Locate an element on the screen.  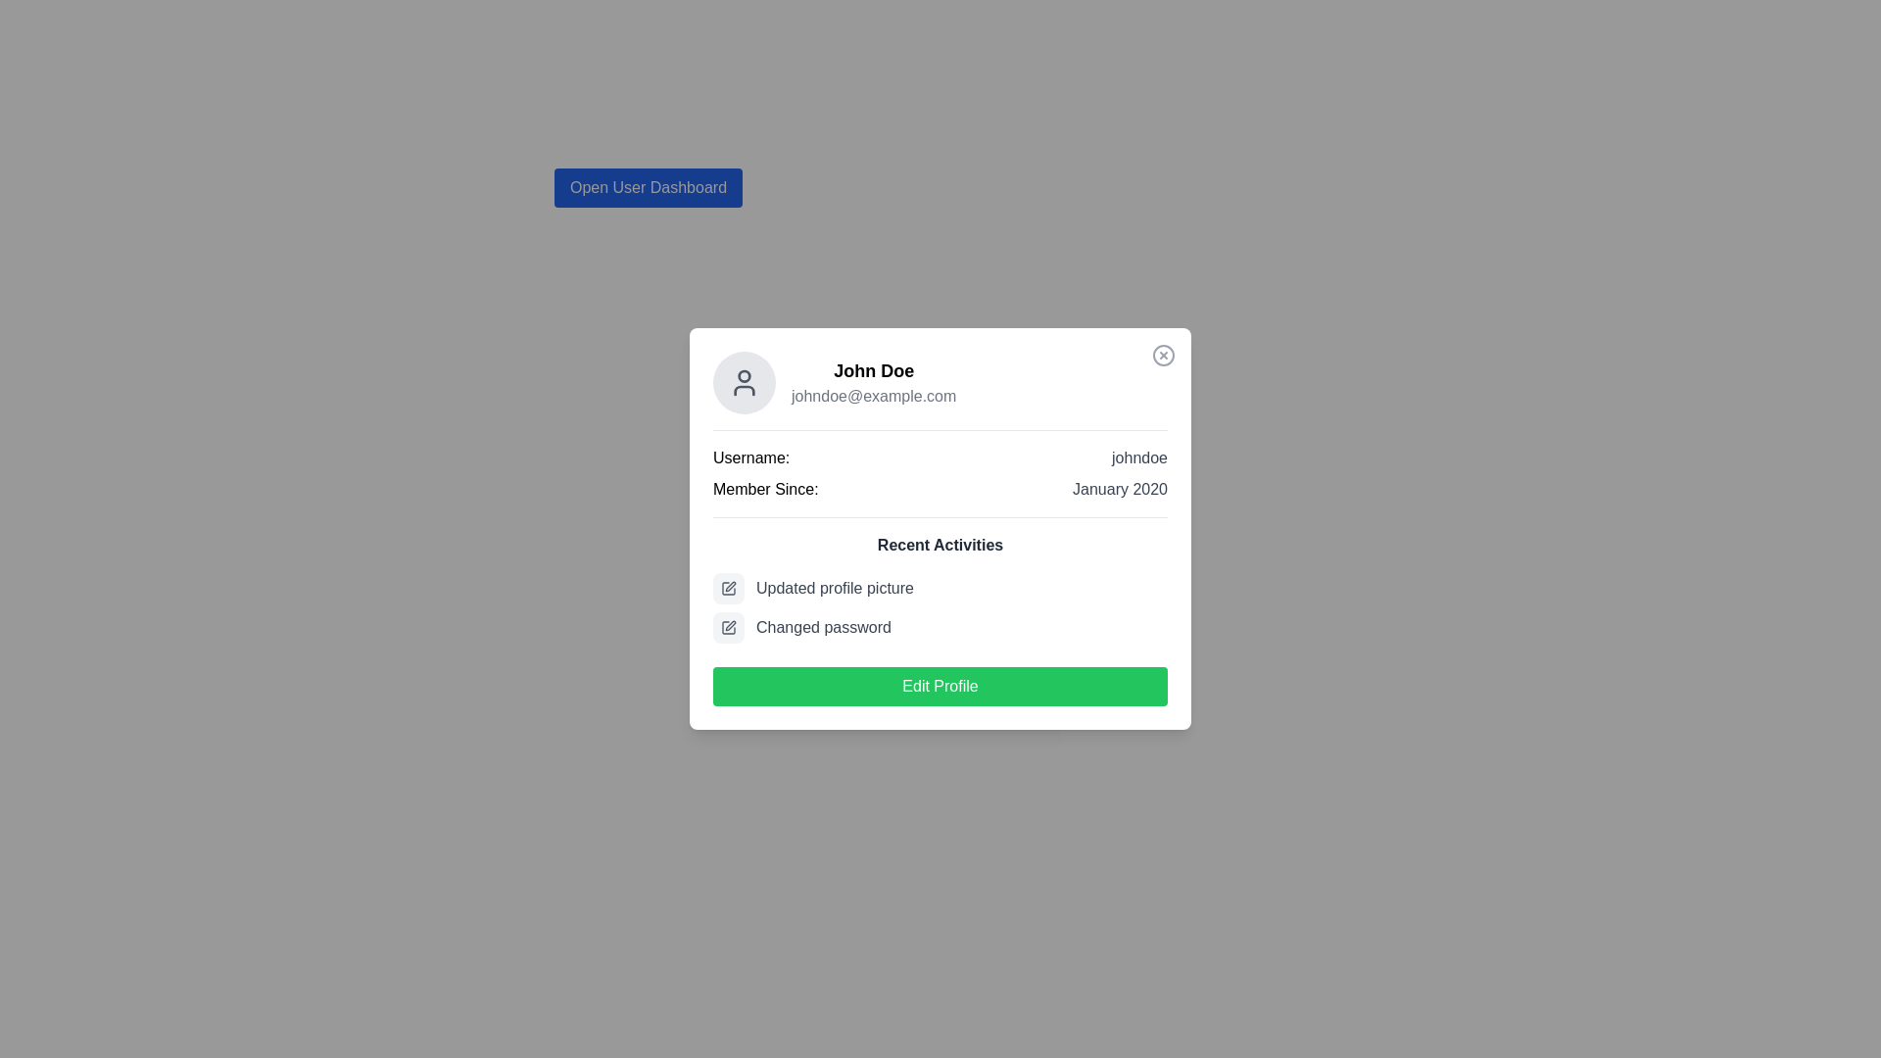
the 'Username:' text label, which provides context for the adjacent username 'johndoe' in the profile card display is located at coordinates (750, 457).